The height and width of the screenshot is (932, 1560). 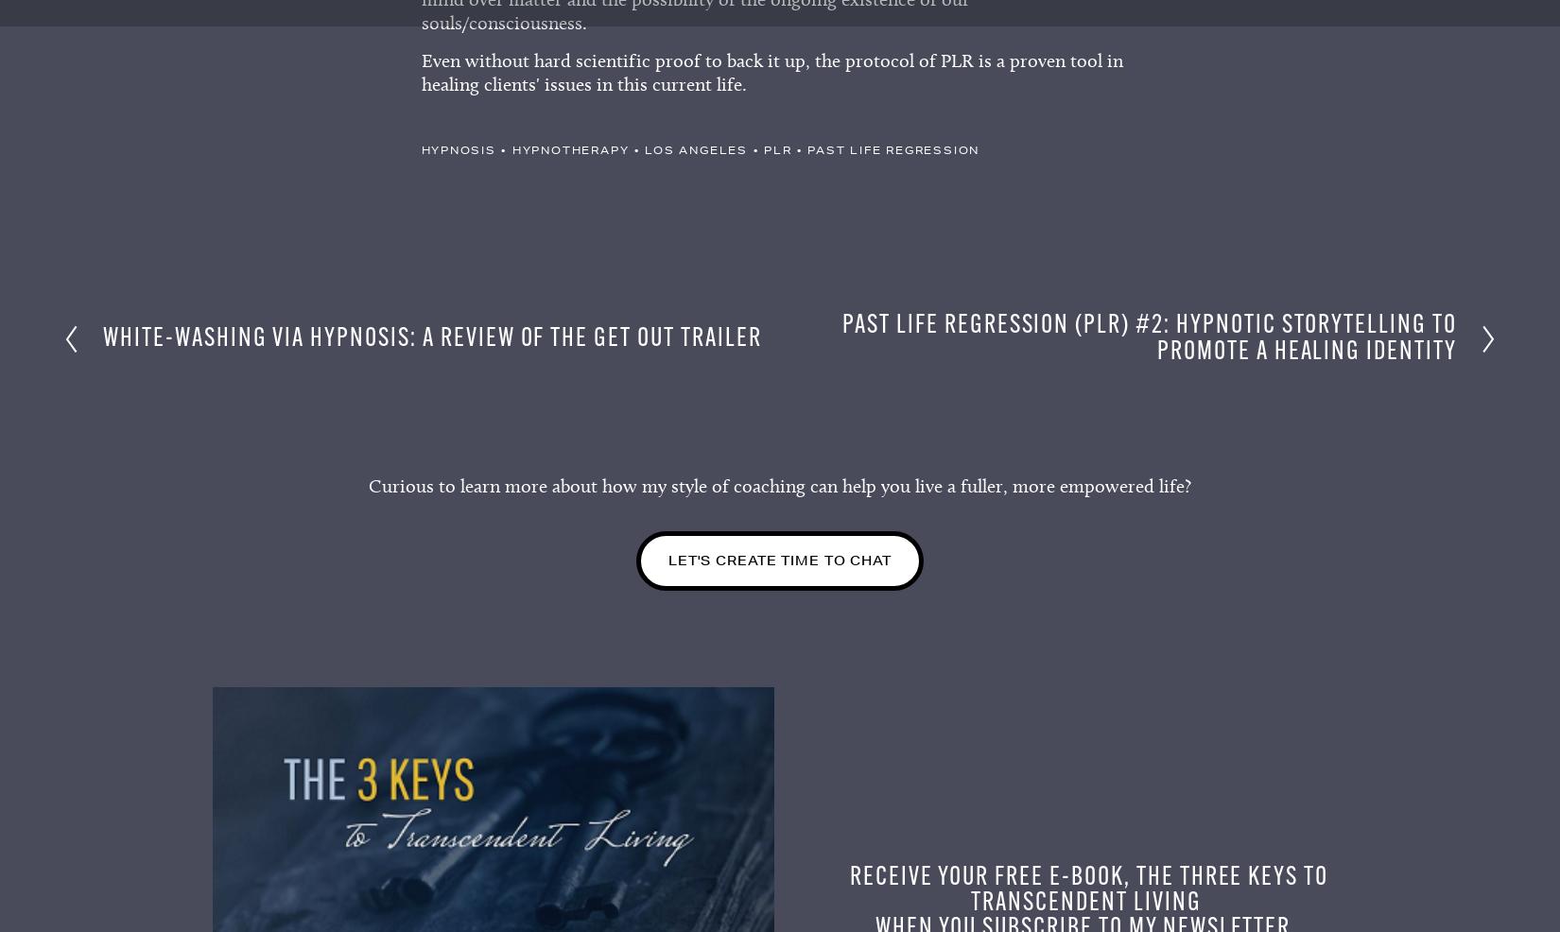 I want to click on 'Curious to learn more about how my style of coaching can help you live a fuller, more empowered life?', so click(x=780, y=491).